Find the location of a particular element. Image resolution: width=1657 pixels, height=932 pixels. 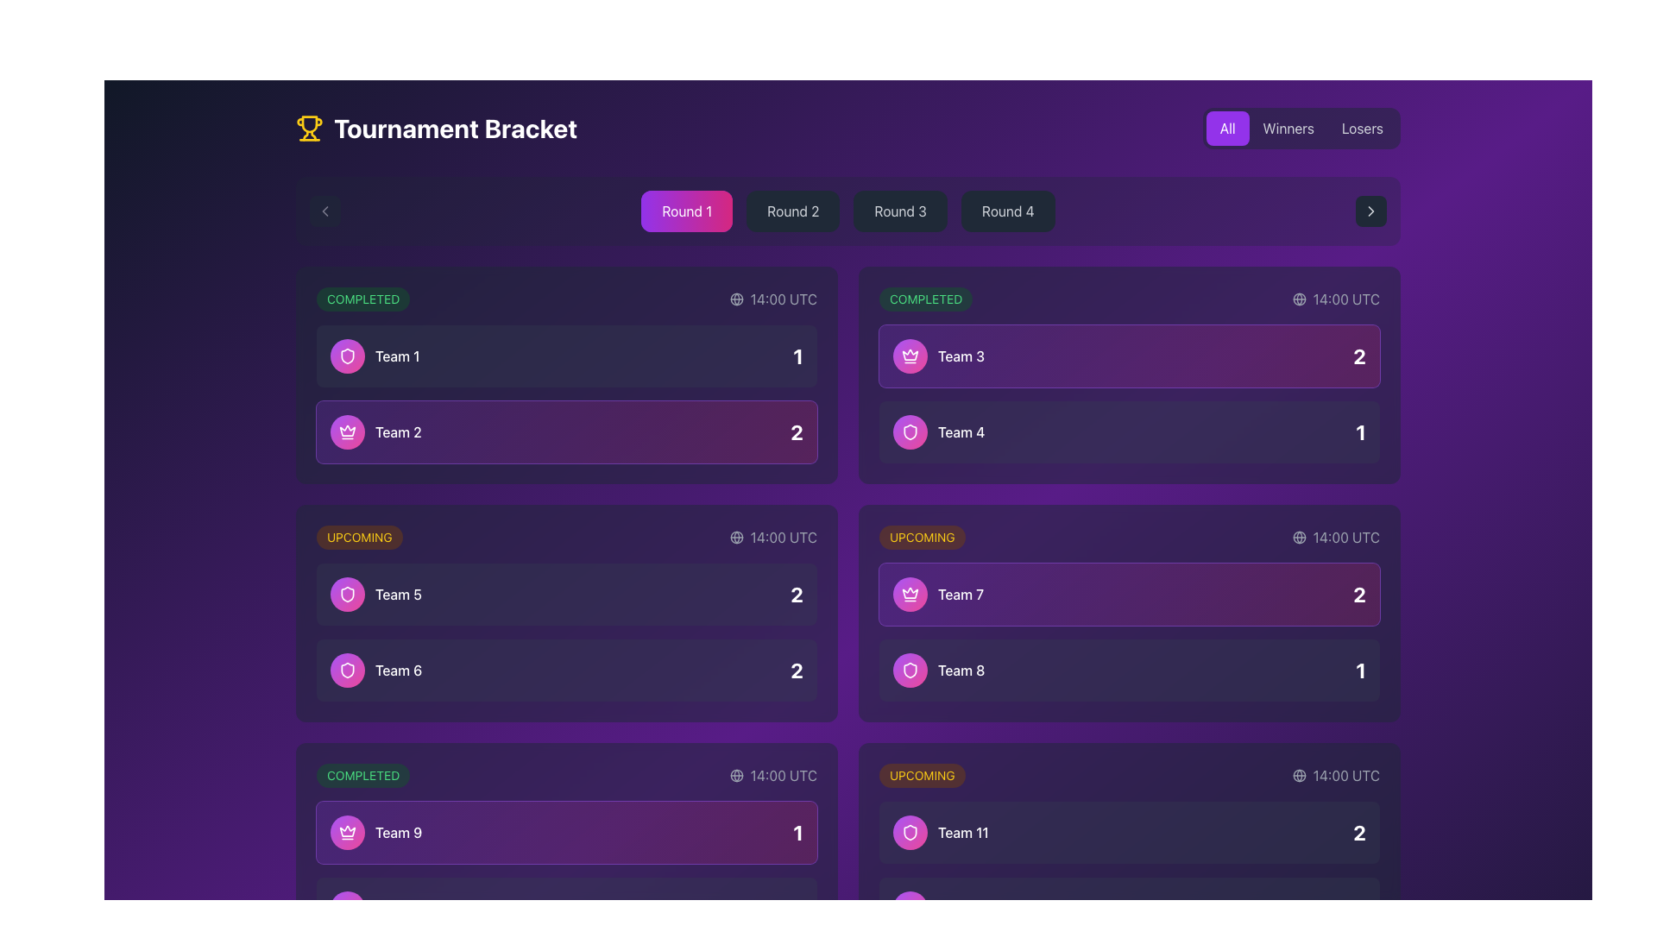

the text label that identifies 'Team 5' within the tournament bracket card, located in the 'Upcoming' section of the interface is located at coordinates (397, 594).